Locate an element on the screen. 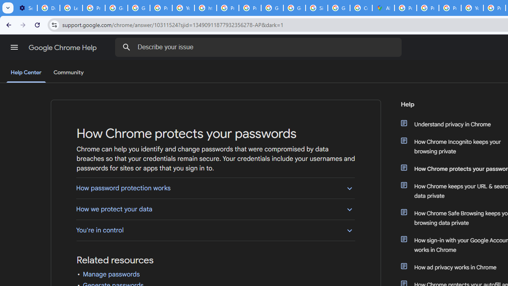 The height and width of the screenshot is (286, 508). 'Main menu' is located at coordinates (14, 47).